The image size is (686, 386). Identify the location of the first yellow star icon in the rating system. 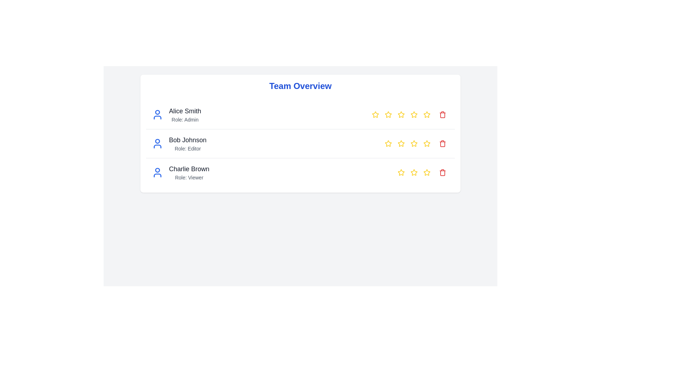
(401, 172).